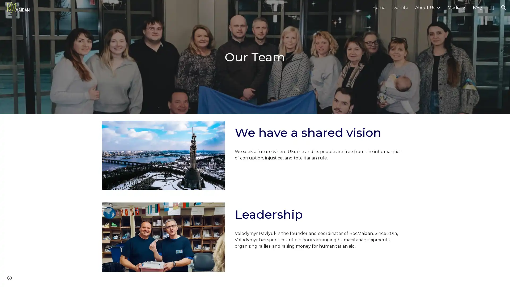 The width and height of the screenshot is (510, 287). I want to click on Skip to main content, so click(209, 10).